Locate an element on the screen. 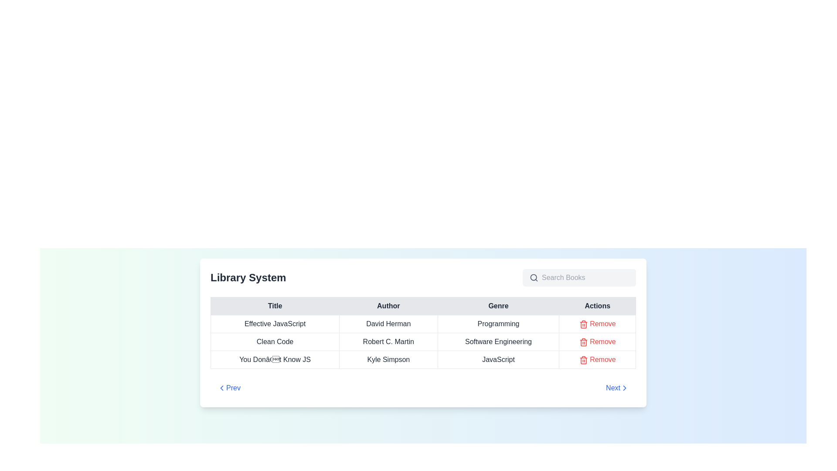 The image size is (837, 471). the forward navigation icon within the 'Next' button in the pagination control at the bottom-right edge of the main table display is located at coordinates (624, 388).